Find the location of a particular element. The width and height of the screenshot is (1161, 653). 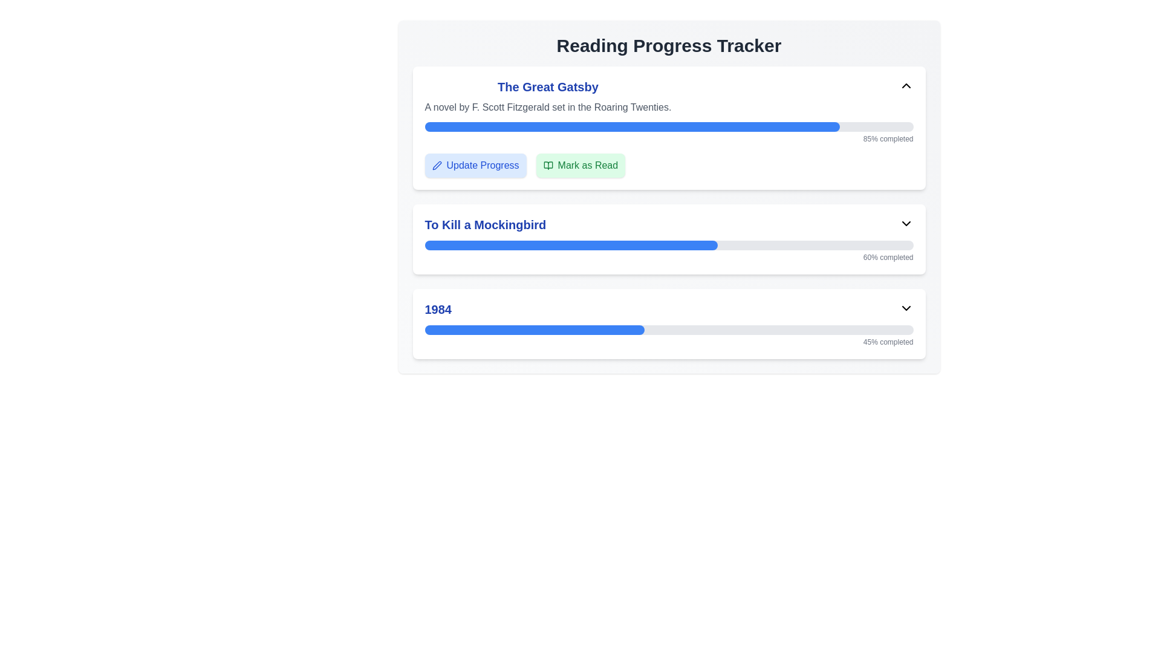

the progress bar indicating '85% completed' in the 'The Great Gatsby' section of the interface is located at coordinates (668, 132).